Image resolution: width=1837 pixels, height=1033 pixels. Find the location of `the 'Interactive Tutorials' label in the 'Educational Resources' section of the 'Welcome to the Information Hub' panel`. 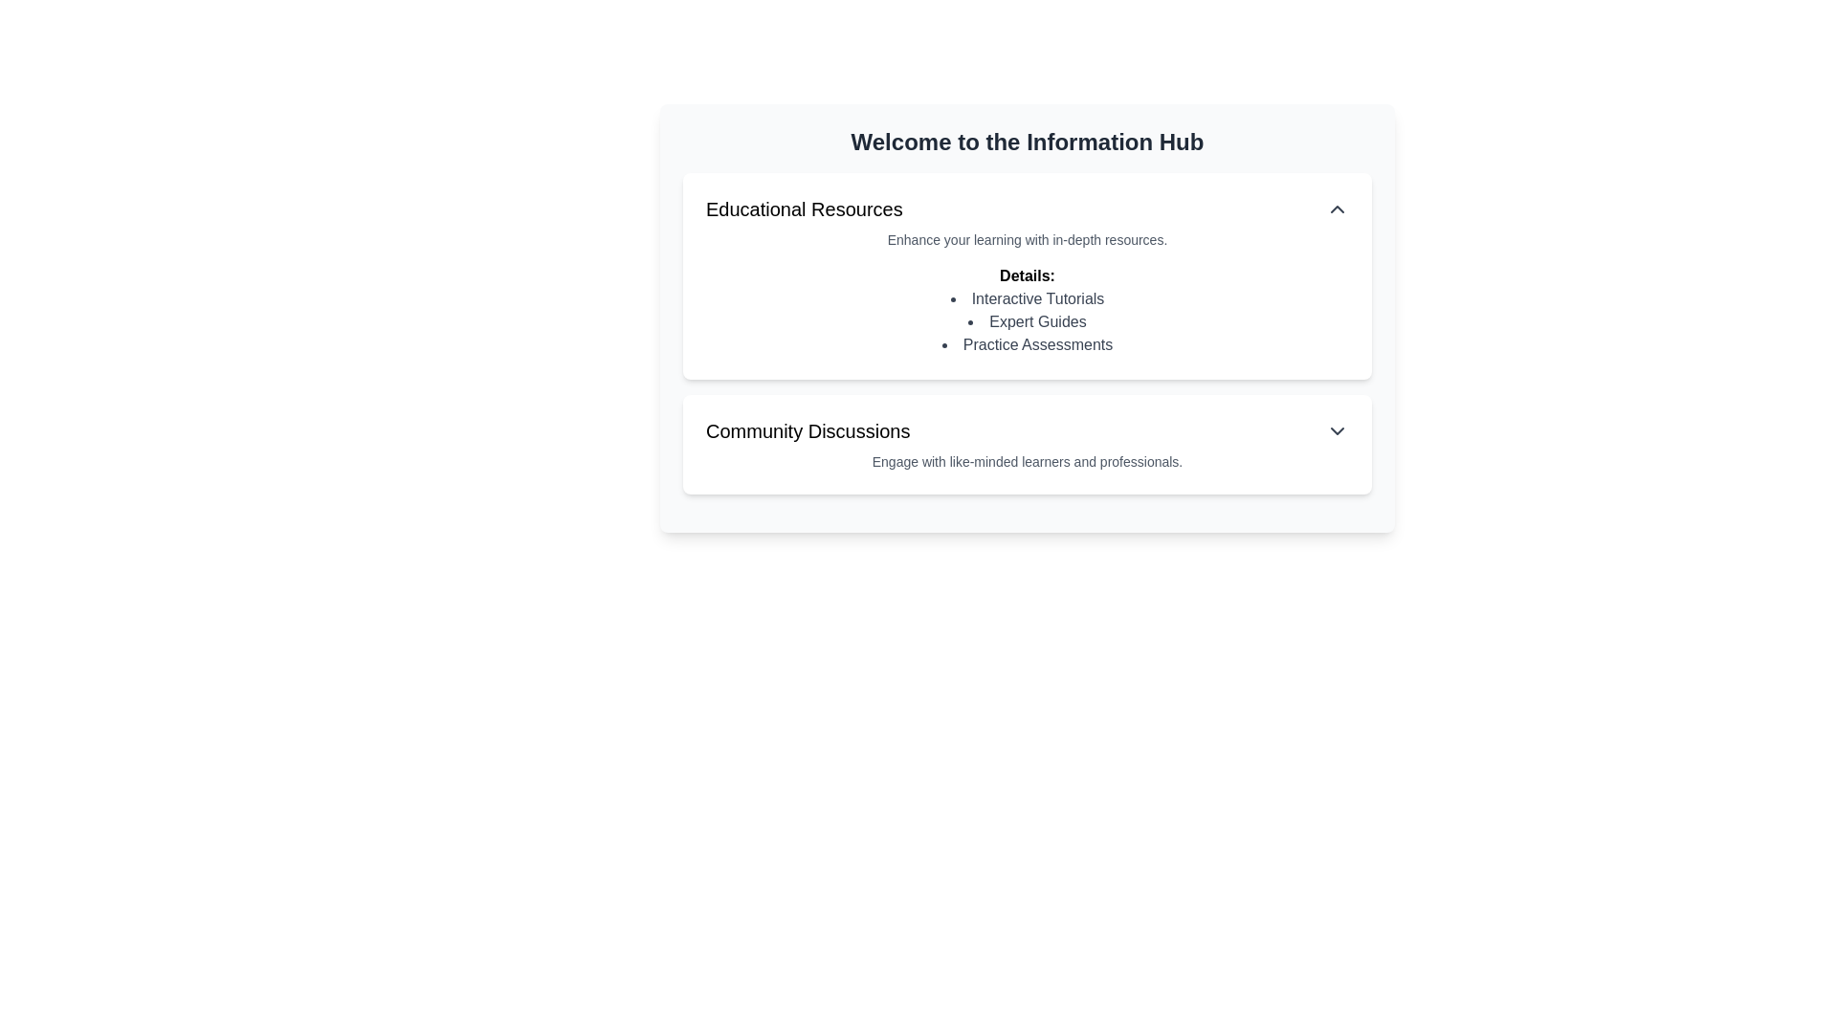

the 'Interactive Tutorials' label in the 'Educational Resources' section of the 'Welcome to the Information Hub' panel is located at coordinates (1027, 298).